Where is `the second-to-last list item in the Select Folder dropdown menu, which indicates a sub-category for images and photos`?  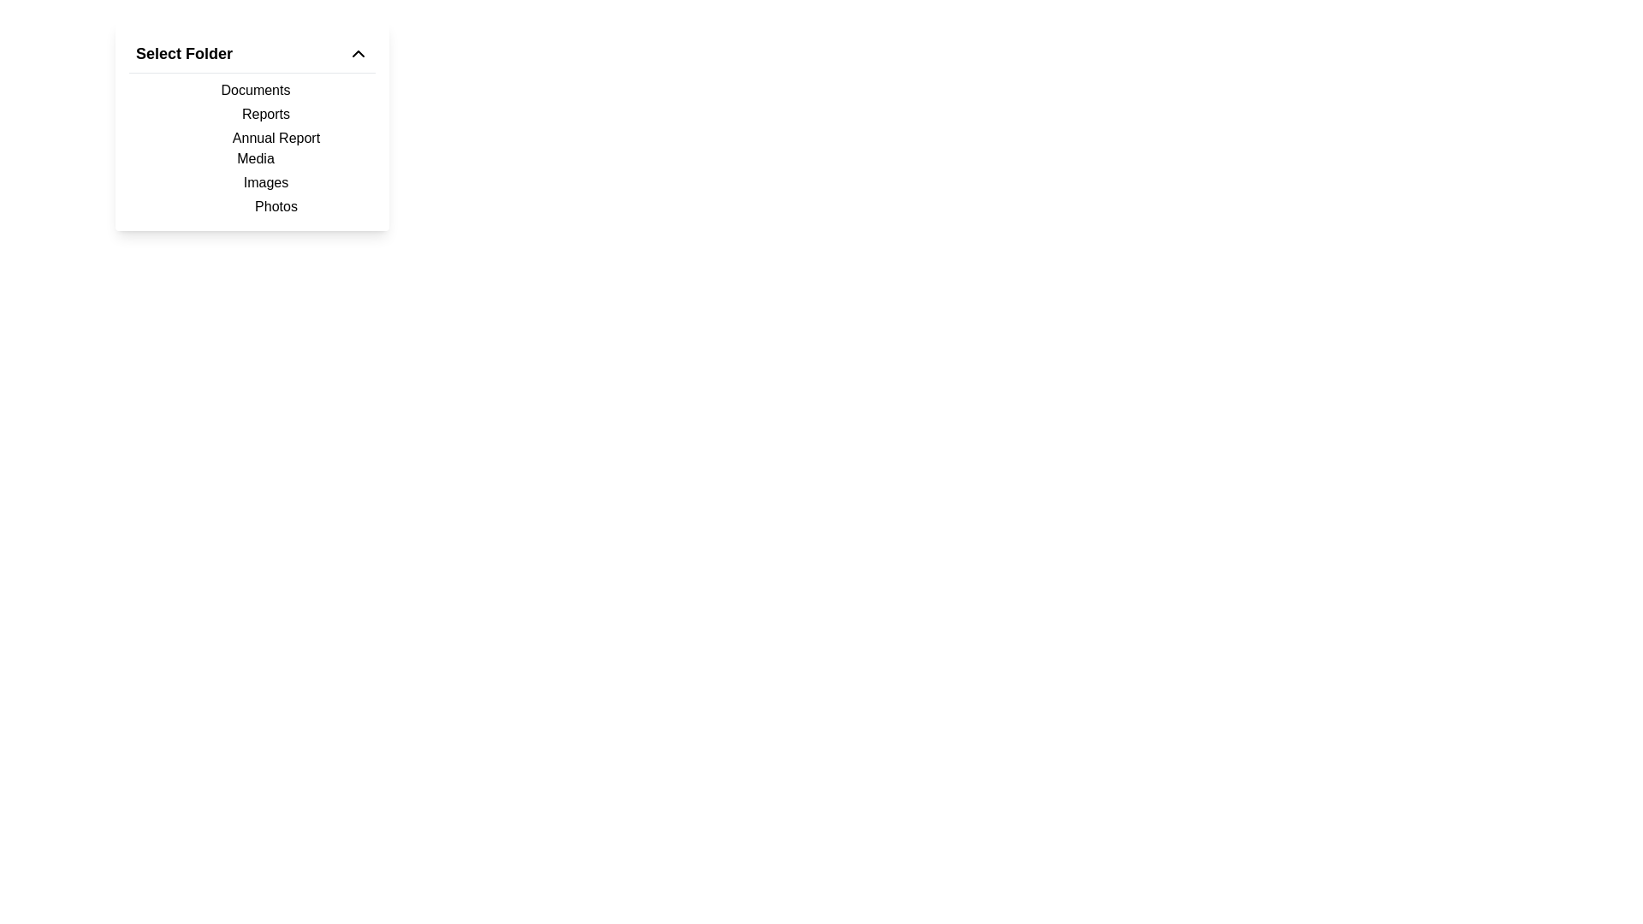 the second-to-last list item in the Select Folder dropdown menu, which indicates a sub-category for images and photos is located at coordinates (262, 193).